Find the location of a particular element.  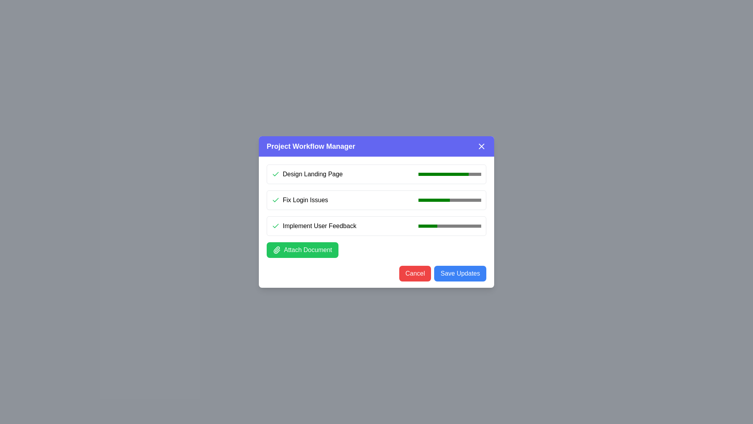

the 'Cancel' button located in the lower-right section of the interface is located at coordinates (415, 273).